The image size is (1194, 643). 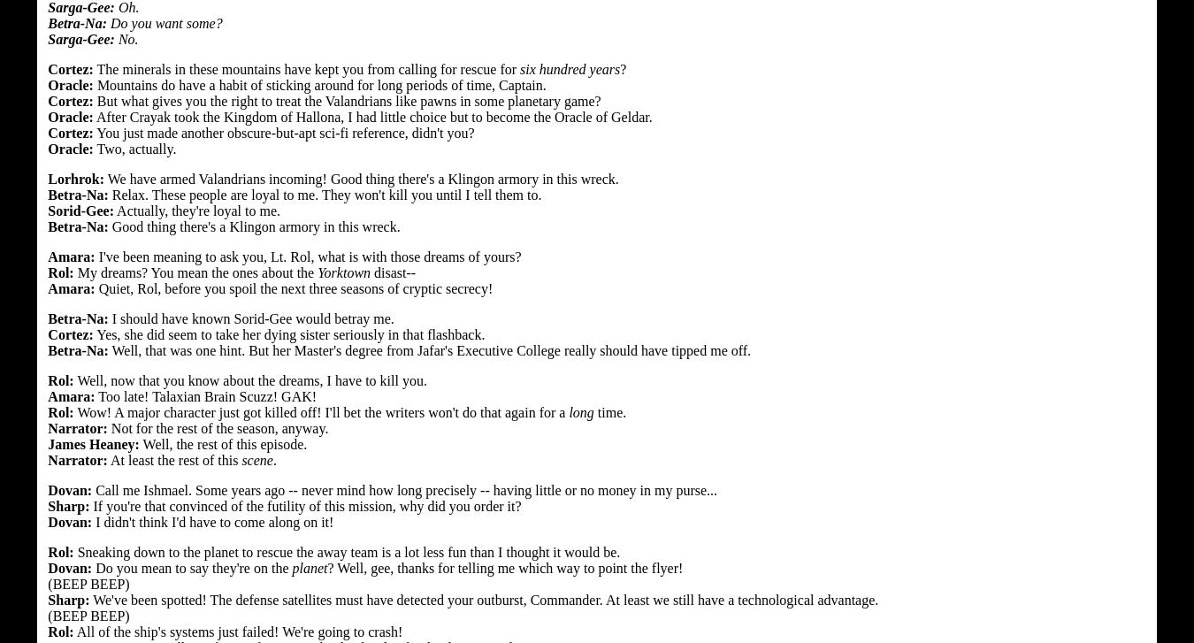 I want to click on 'Not for the rest of the season, anyway.', so click(x=216, y=426).